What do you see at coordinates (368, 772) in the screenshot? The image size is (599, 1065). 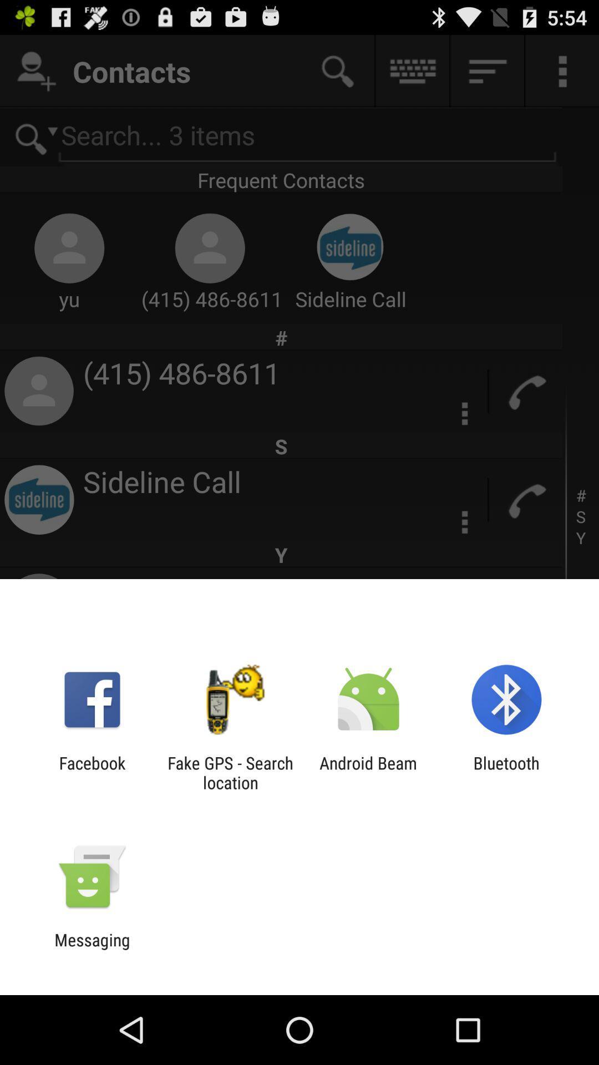 I see `the android beam app` at bounding box center [368, 772].